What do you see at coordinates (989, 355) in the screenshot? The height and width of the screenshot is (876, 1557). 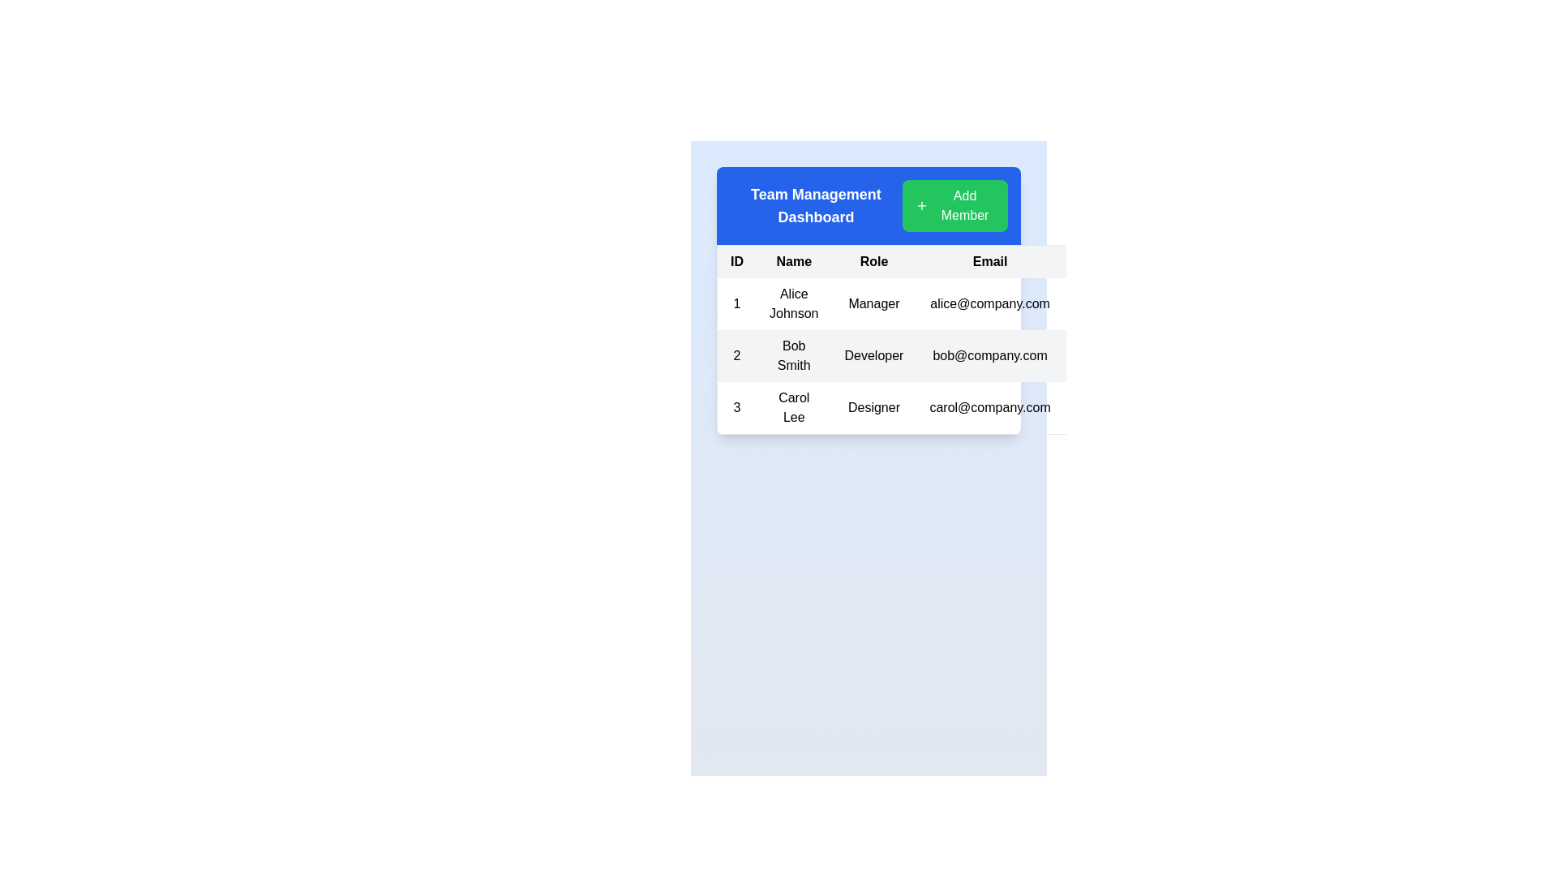 I see `the static text displaying the email address located in the 'Email' column of the second row of the table, which corresponds with the row of Bob Smith, the Developer` at bounding box center [989, 355].